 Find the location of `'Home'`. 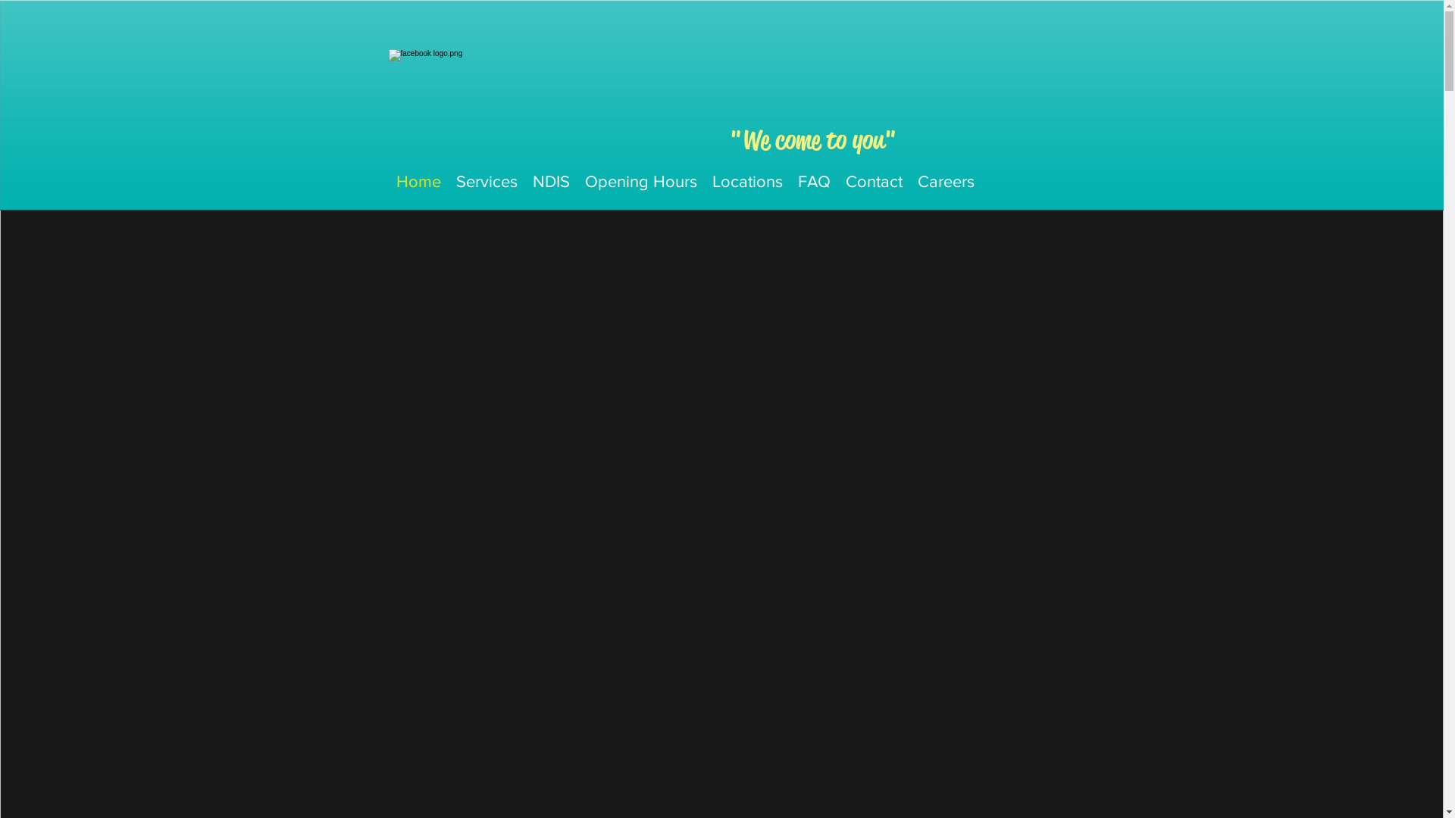

'Home' is located at coordinates (388, 180).